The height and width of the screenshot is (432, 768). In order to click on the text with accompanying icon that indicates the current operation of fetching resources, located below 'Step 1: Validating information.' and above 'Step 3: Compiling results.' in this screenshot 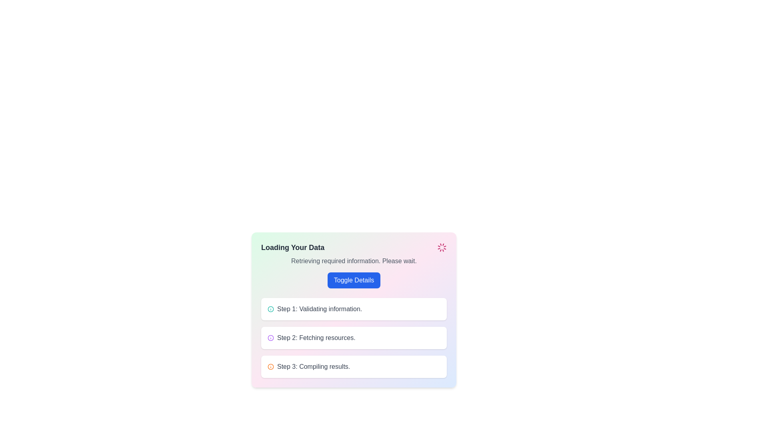, I will do `click(353, 338)`.